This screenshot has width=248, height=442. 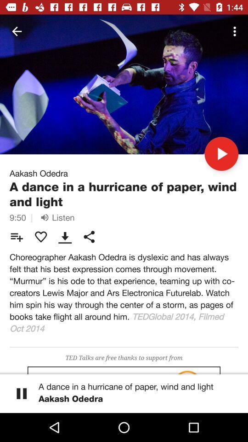 What do you see at coordinates (22, 393) in the screenshot?
I see `the pause option beside aakash odedra` at bounding box center [22, 393].